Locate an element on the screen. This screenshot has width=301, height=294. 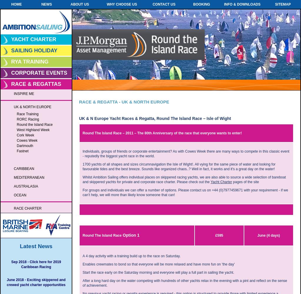
'Whilst  Ambition Sailing offers individual places on skippered racing yachts, we are also able to source a  wide selection of bareboat and skippered yachts for private and corporate race charter.  Please check out the' is located at coordinates (82, 179).